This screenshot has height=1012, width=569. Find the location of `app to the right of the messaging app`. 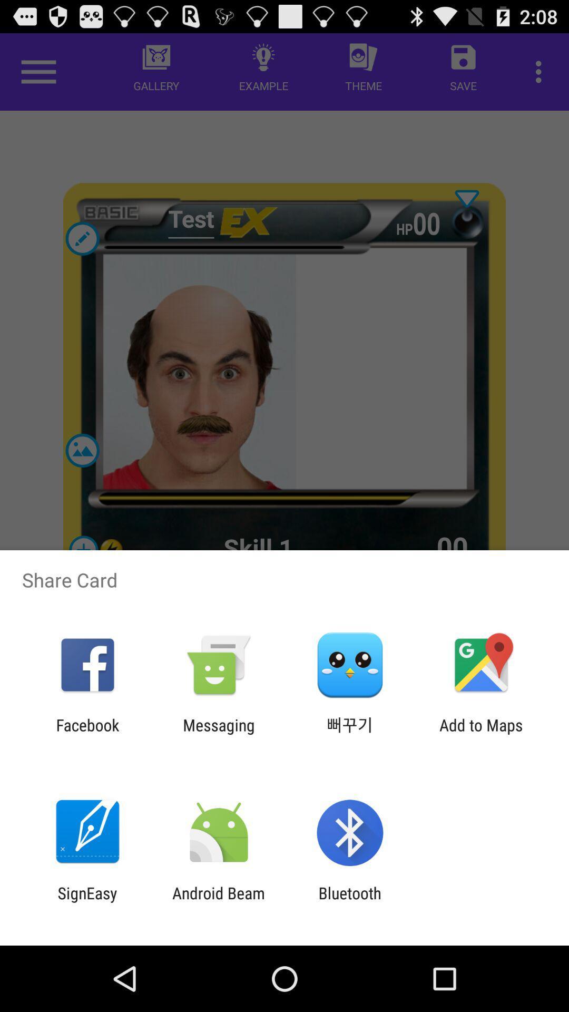

app to the right of the messaging app is located at coordinates (350, 734).